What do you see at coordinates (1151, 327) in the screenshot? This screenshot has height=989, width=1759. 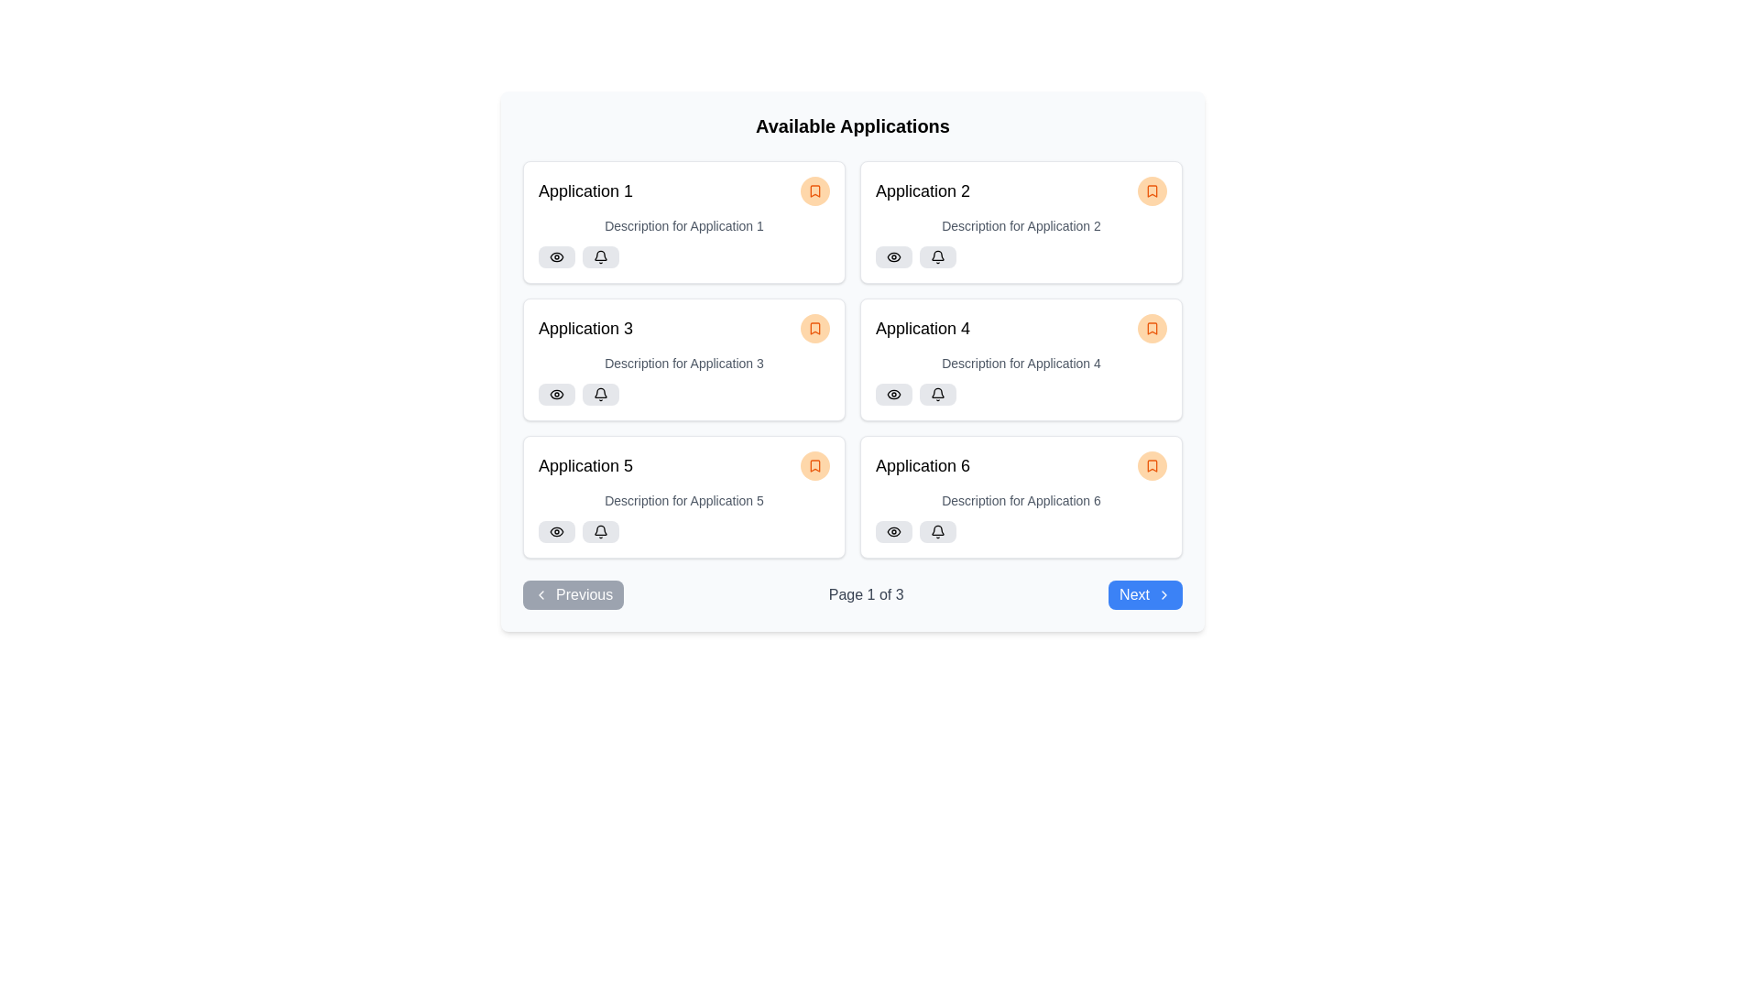 I see `the bookmark icon located in the top-right corner of the Application 4 panel` at bounding box center [1151, 327].